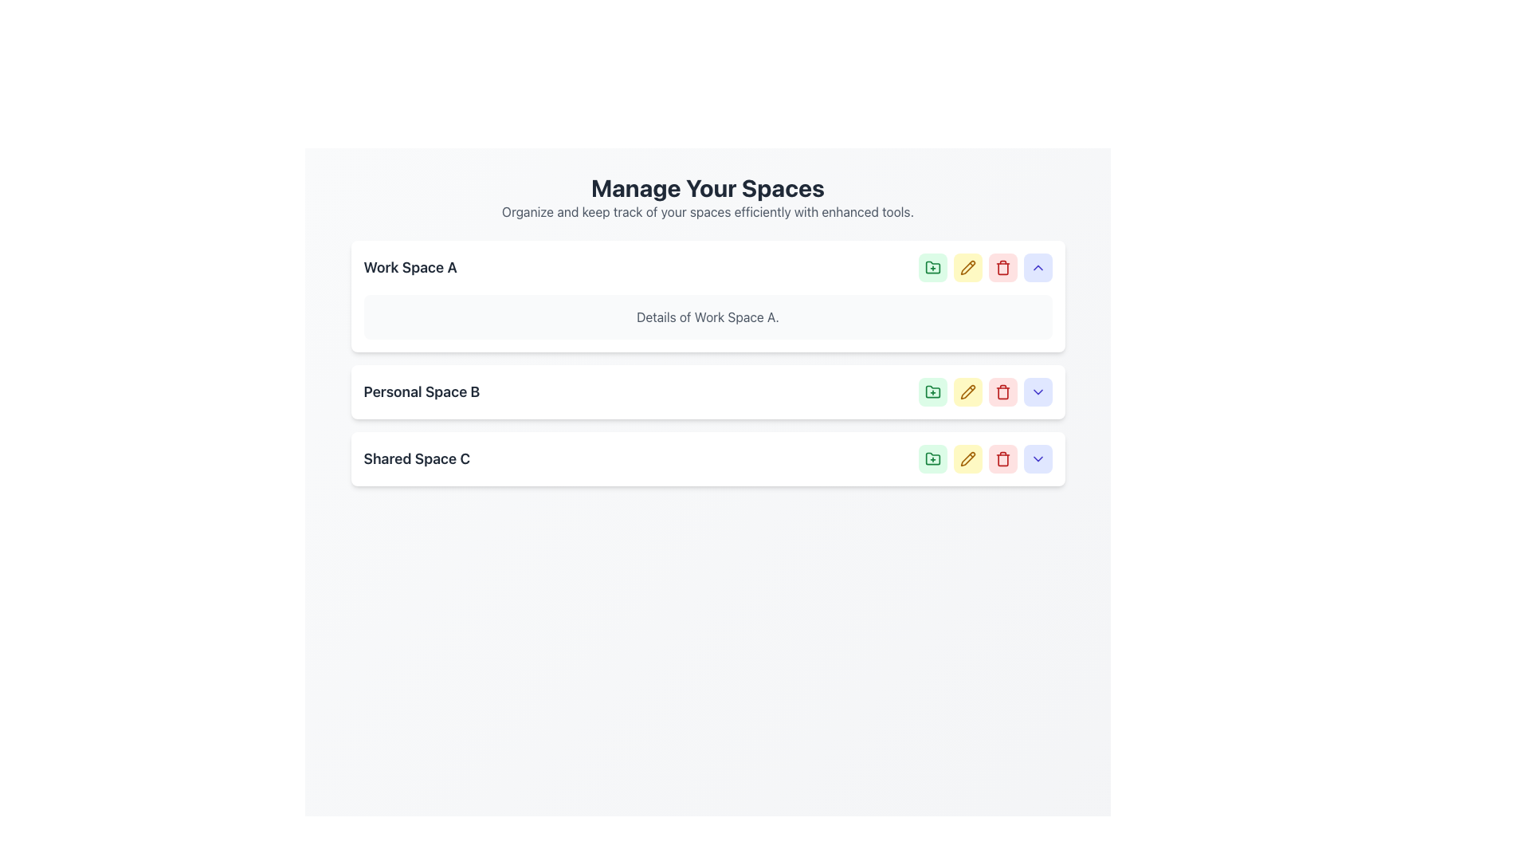 This screenshot has height=861, width=1530. I want to click on the delete button located on the rightmost side of the button group for 'Work Space A', so click(1002, 266).